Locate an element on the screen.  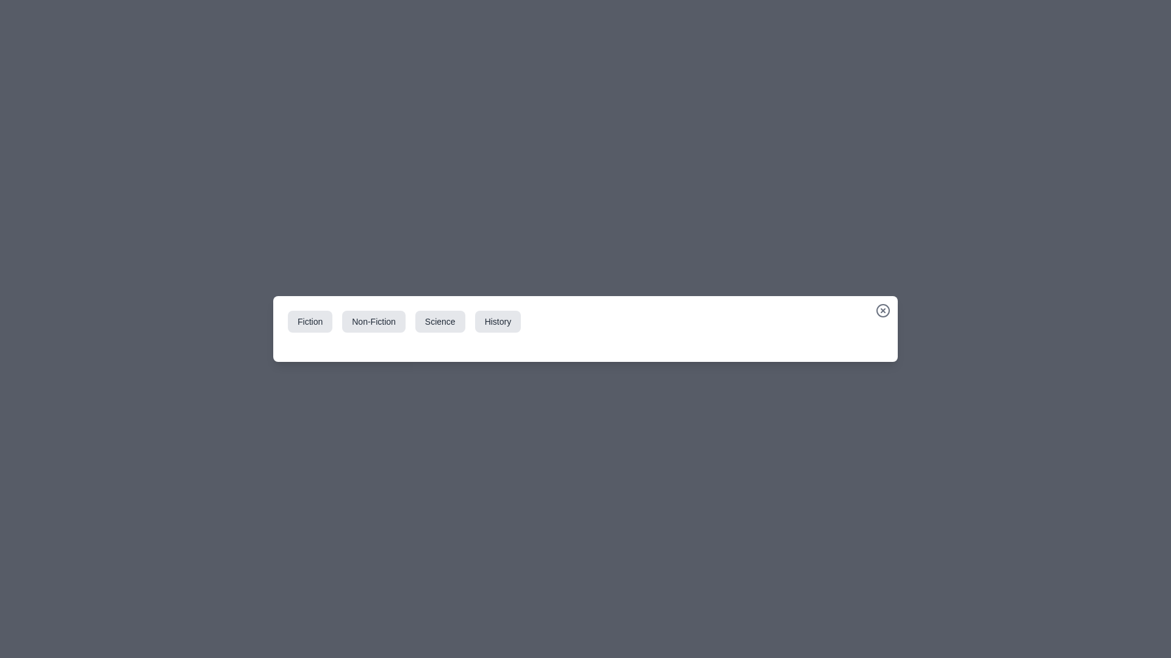
the category tab labeled Science is located at coordinates (439, 321).